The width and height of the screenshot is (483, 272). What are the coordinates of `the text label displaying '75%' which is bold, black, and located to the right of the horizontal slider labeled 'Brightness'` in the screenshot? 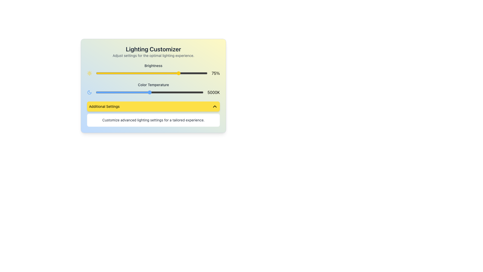 It's located at (216, 73).